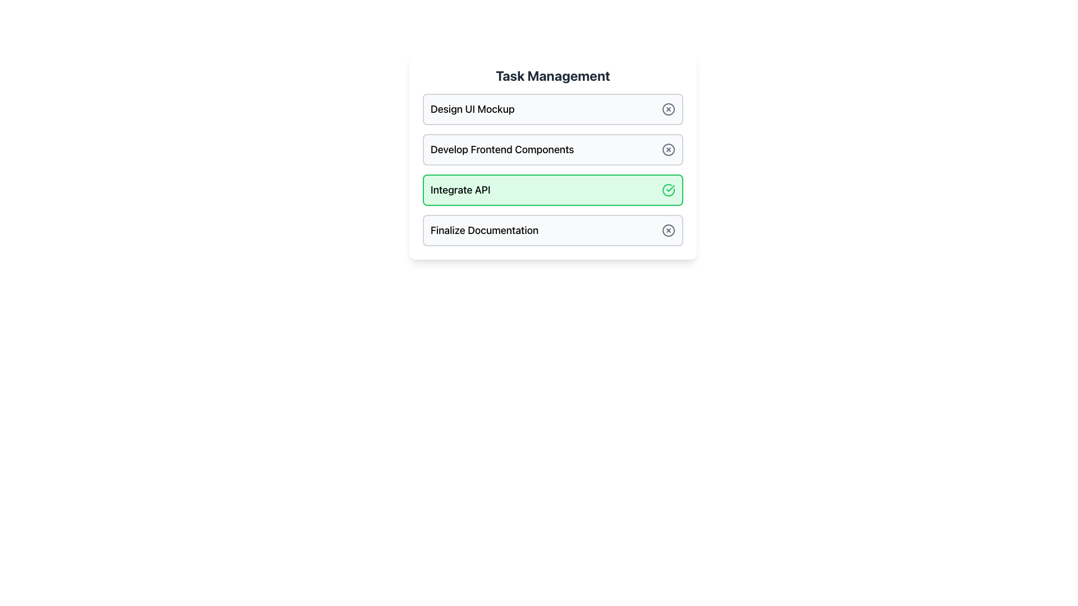 The image size is (1078, 606). What do you see at coordinates (552, 76) in the screenshot?
I see `the header with the text 'Task Management' which is styled in bold and grayish dark color, positioned at the top of the task management interface` at bounding box center [552, 76].